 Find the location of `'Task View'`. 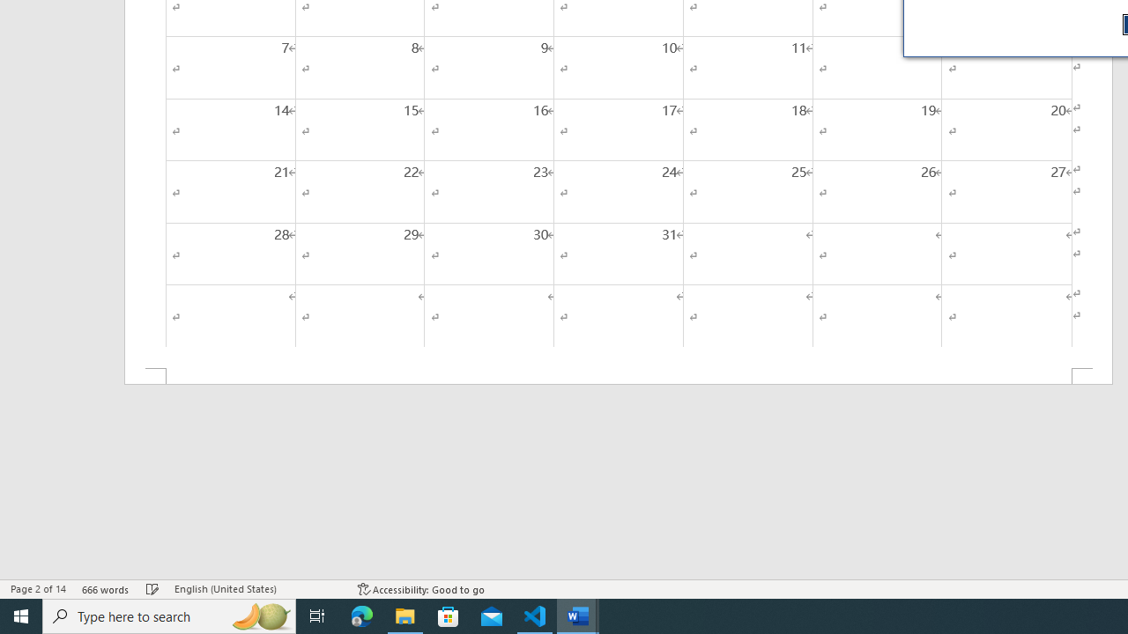

'Task View' is located at coordinates (316, 615).